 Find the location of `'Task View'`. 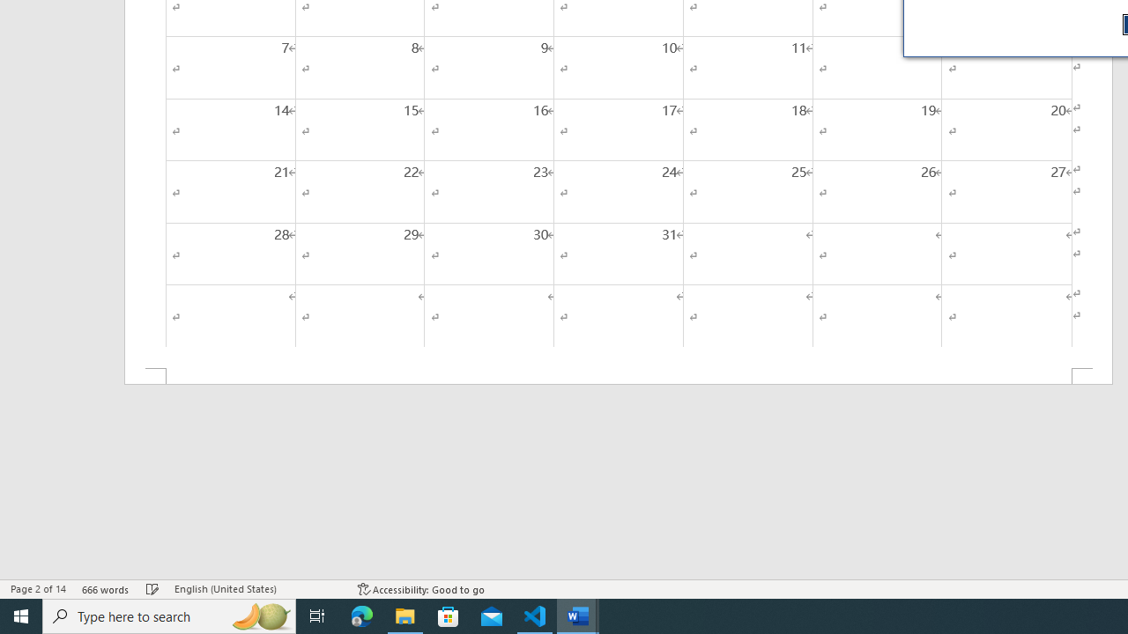

'Task View' is located at coordinates (316, 615).